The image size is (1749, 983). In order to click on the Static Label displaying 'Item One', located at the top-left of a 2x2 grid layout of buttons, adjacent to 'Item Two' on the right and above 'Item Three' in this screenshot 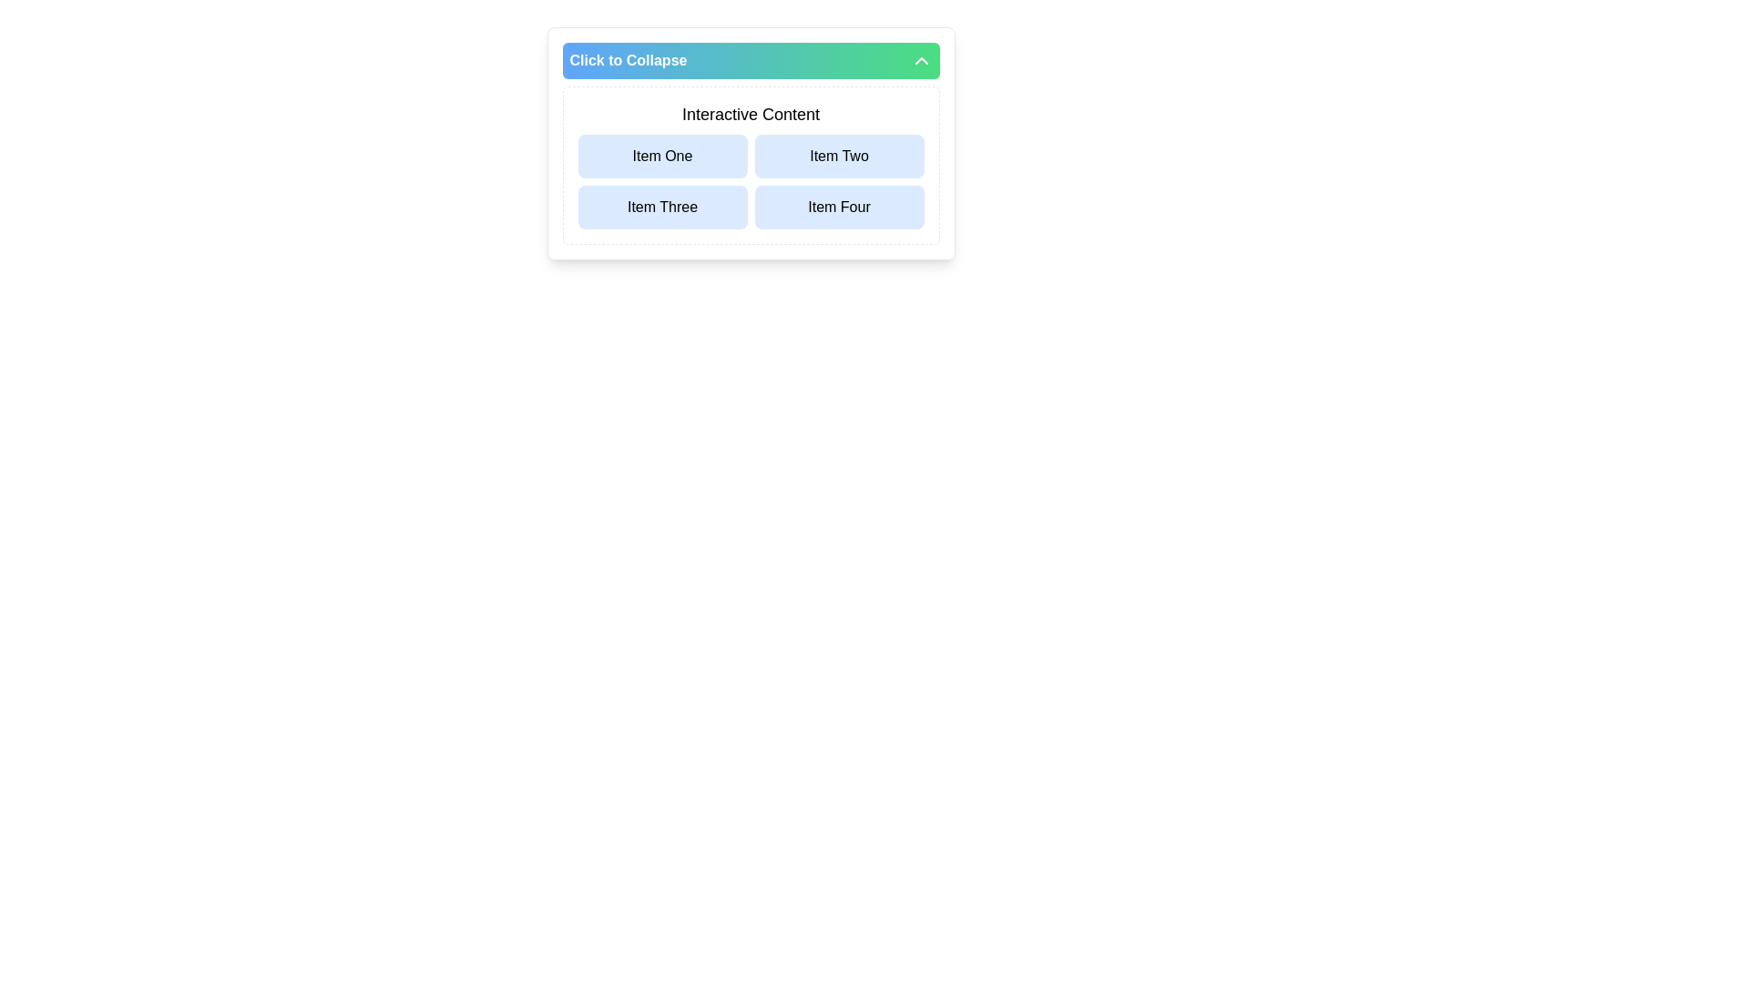, I will do `click(661, 156)`.